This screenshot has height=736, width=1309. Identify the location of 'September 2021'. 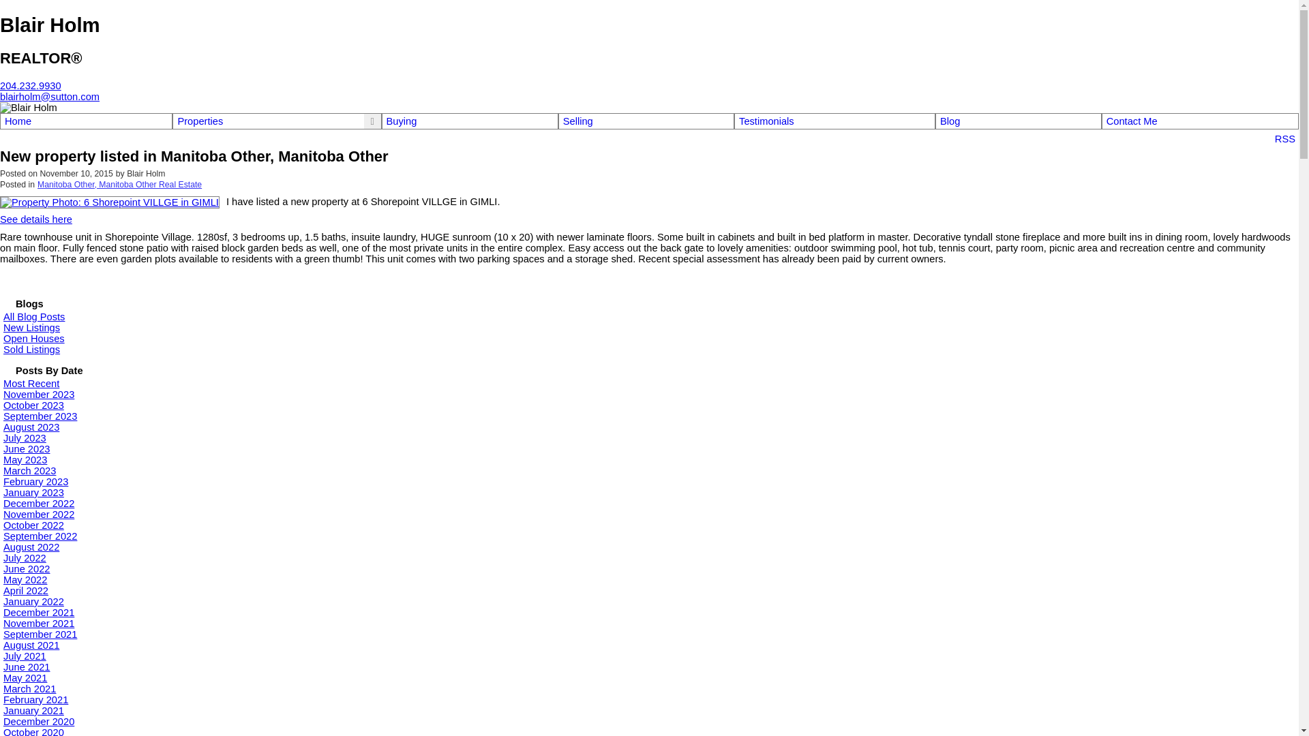
(3, 634).